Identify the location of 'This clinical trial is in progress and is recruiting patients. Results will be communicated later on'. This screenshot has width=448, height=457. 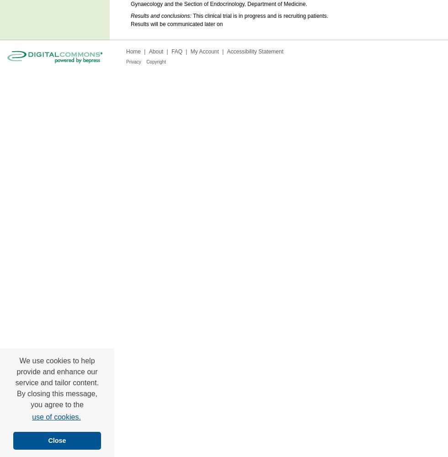
(229, 20).